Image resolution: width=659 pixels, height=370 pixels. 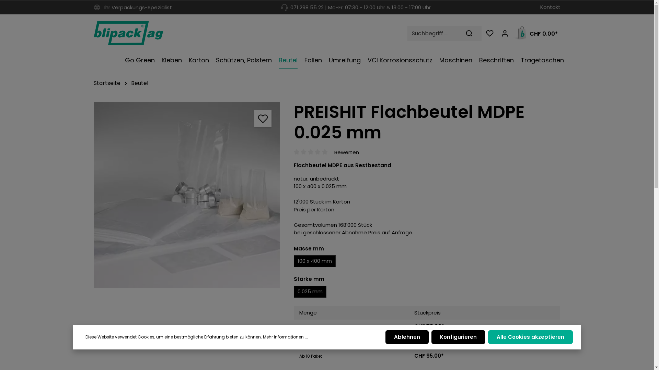 What do you see at coordinates (263, 118) in the screenshot?
I see `'Merken'` at bounding box center [263, 118].